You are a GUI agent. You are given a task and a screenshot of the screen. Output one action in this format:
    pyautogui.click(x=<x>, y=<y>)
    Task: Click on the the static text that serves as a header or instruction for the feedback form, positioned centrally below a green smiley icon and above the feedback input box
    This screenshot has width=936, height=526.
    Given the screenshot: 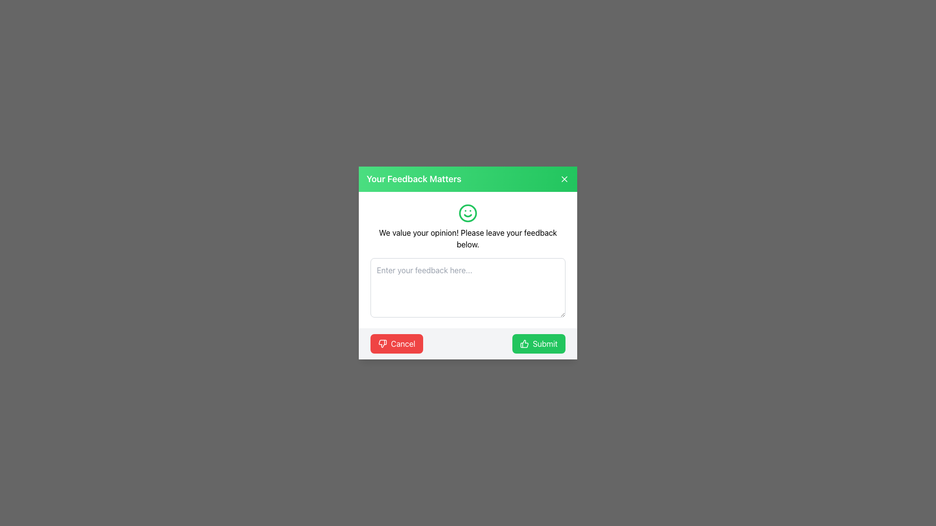 What is the action you would take?
    pyautogui.click(x=468, y=238)
    